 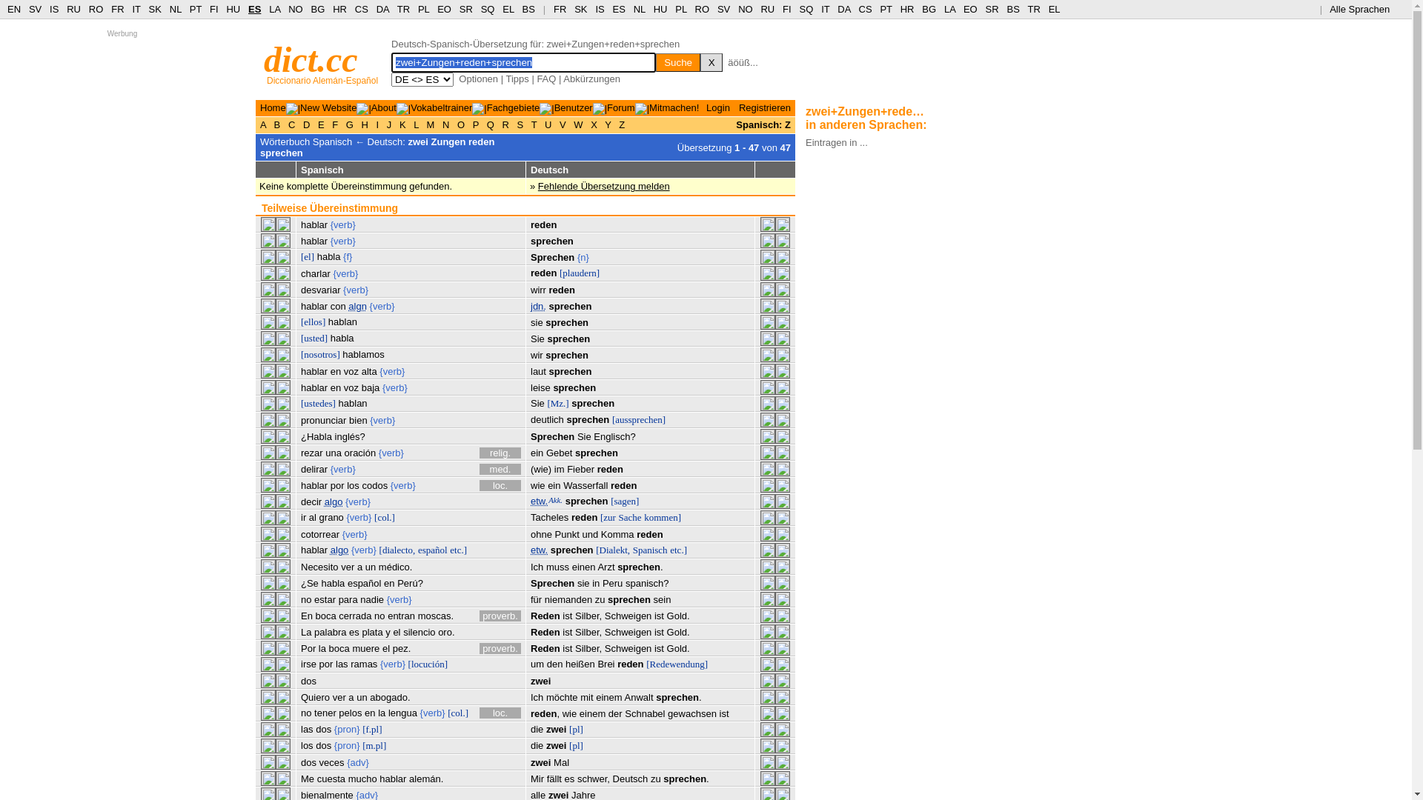 What do you see at coordinates (630, 516) in the screenshot?
I see `'Sache'` at bounding box center [630, 516].